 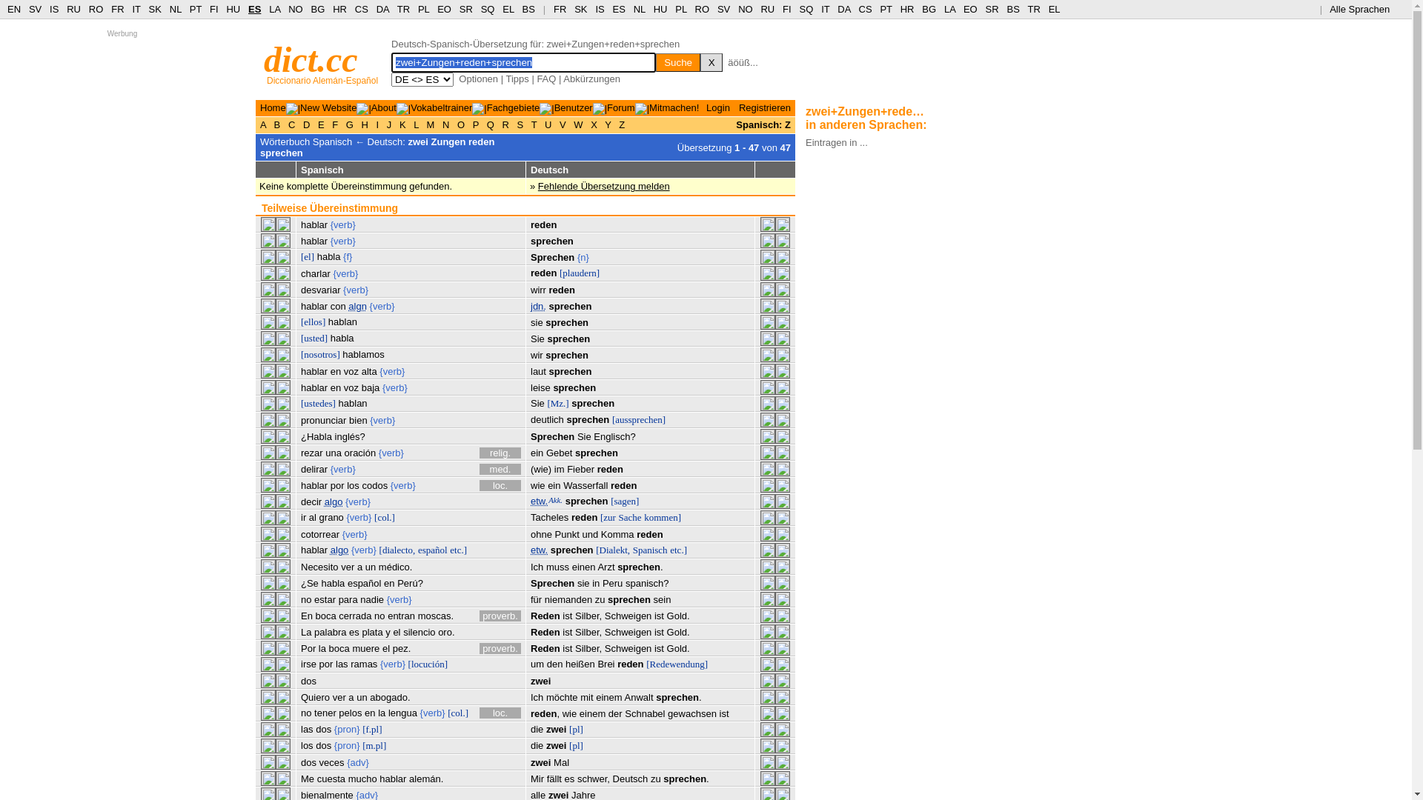 What do you see at coordinates (630, 516) in the screenshot?
I see `'Sache'` at bounding box center [630, 516].